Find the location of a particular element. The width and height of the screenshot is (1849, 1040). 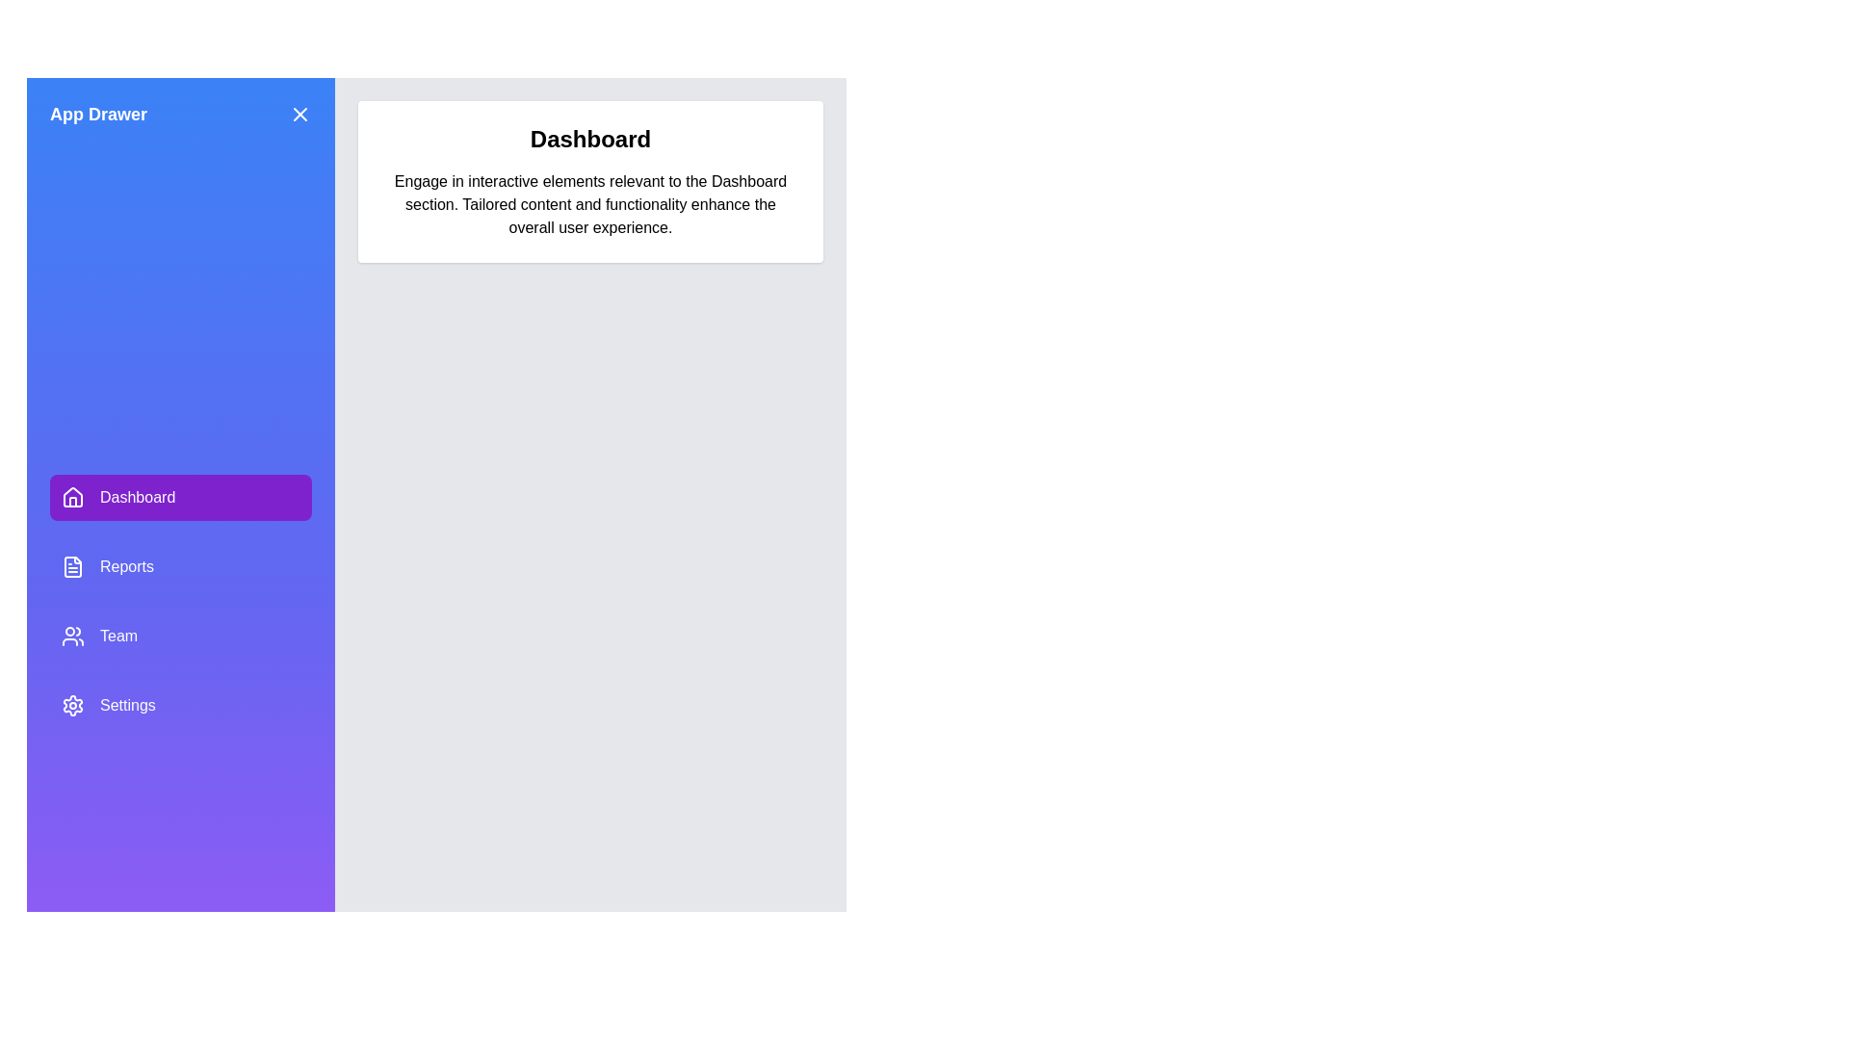

the Settings from the drawer menu is located at coordinates (180, 705).